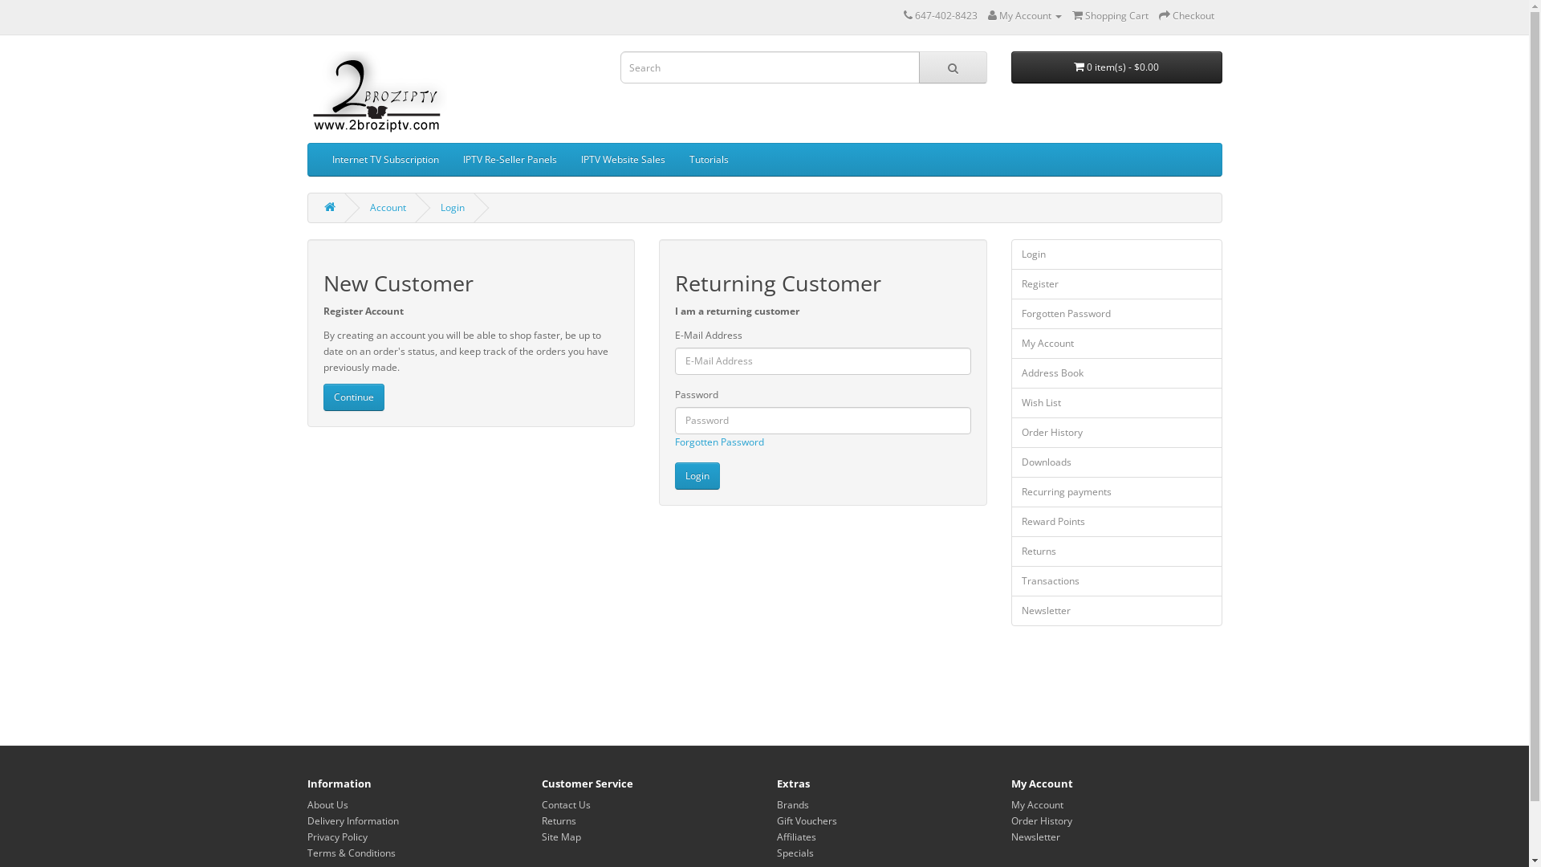 This screenshot has width=1541, height=867. Describe the element at coordinates (307, 804) in the screenshot. I see `'About Us'` at that location.